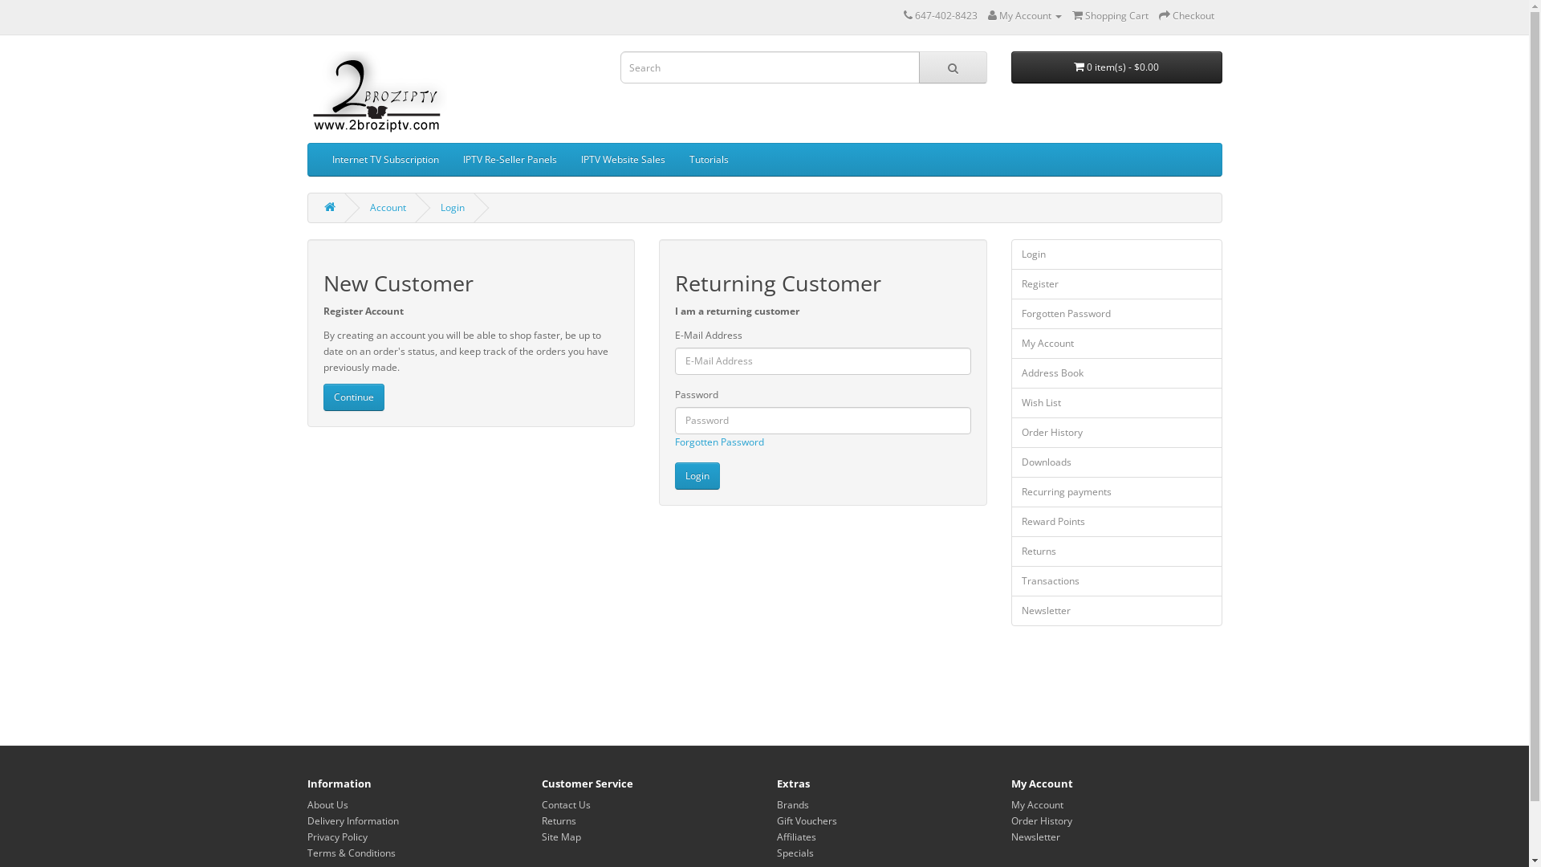 This screenshot has width=1541, height=867. Describe the element at coordinates (307, 804) in the screenshot. I see `'About Us'` at that location.